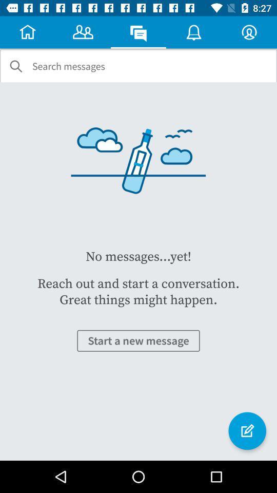  Describe the element at coordinates (15, 66) in the screenshot. I see `item next to search messages` at that location.